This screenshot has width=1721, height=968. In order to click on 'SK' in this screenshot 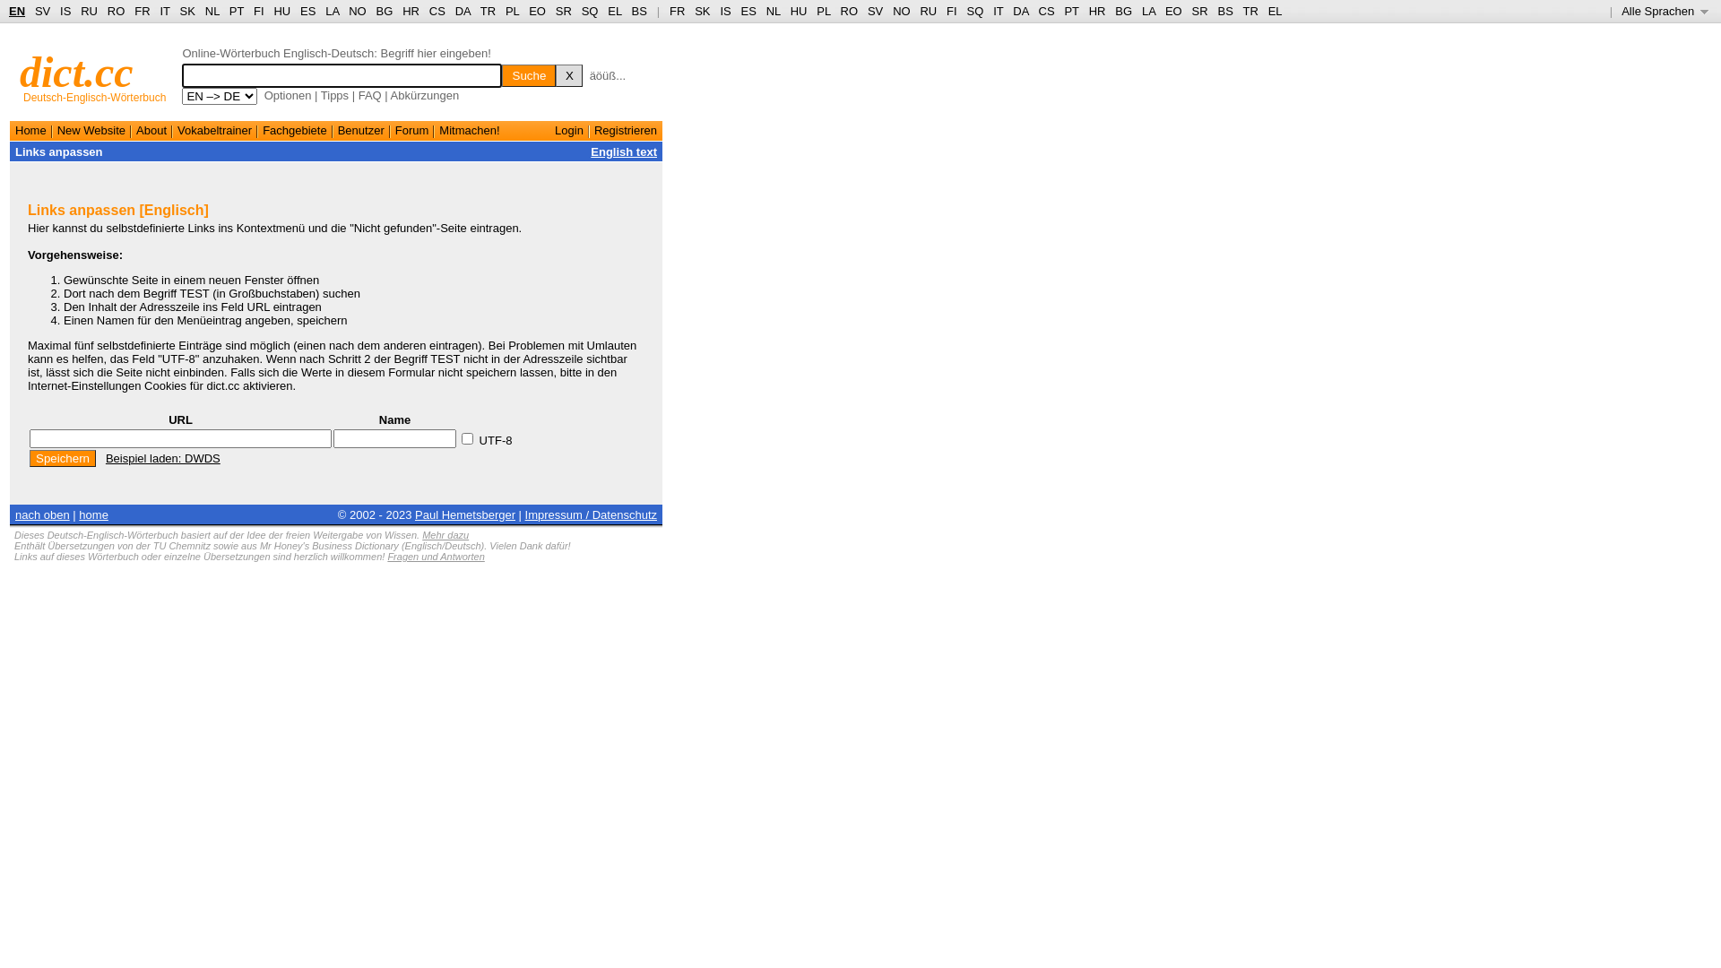, I will do `click(701, 11)`.